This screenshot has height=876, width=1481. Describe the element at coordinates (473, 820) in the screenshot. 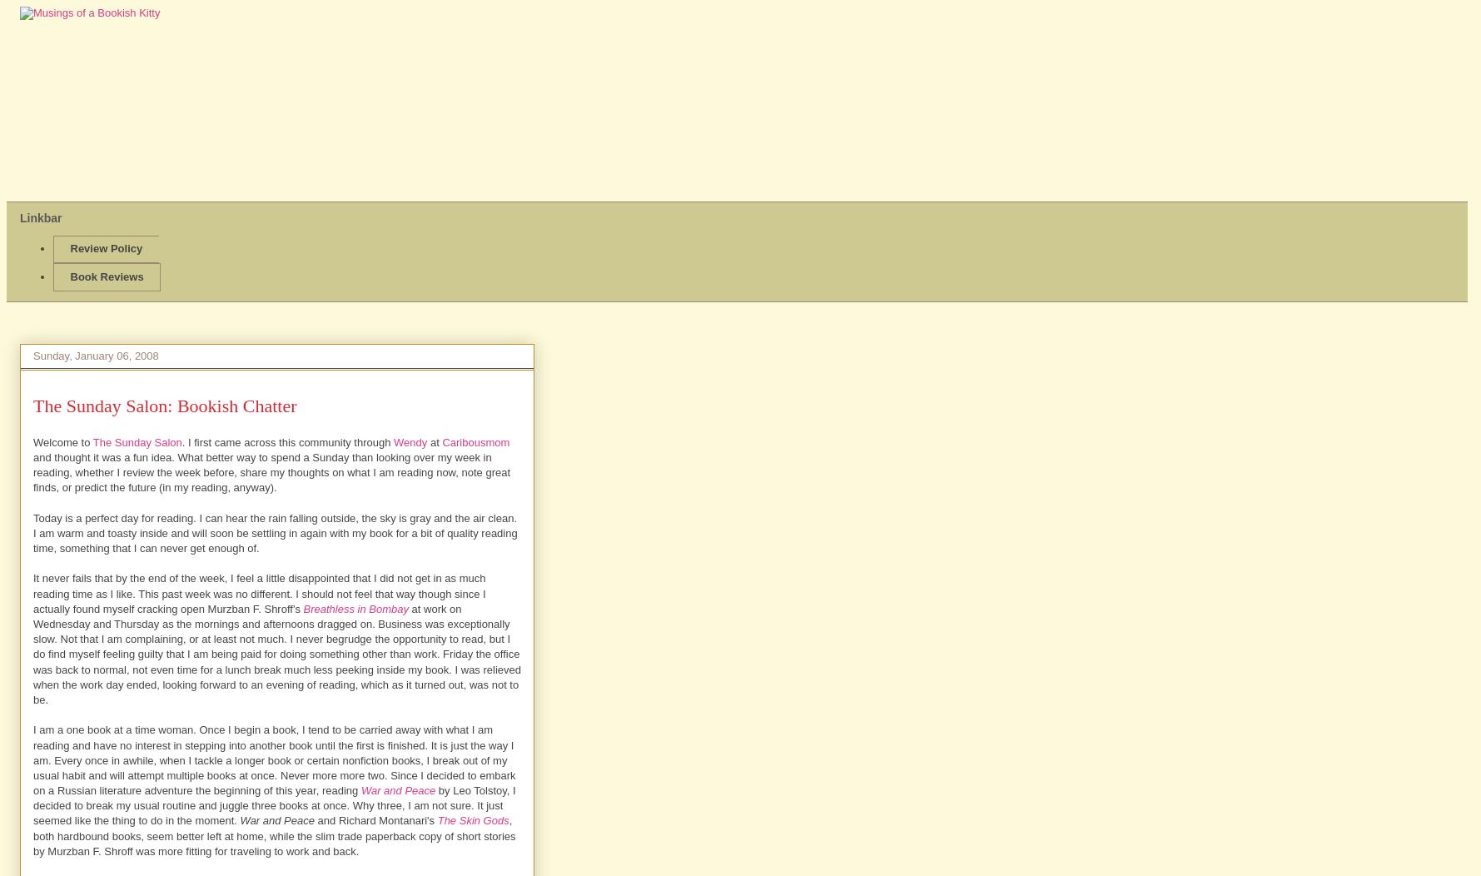

I see `'The Skin Gods'` at that location.